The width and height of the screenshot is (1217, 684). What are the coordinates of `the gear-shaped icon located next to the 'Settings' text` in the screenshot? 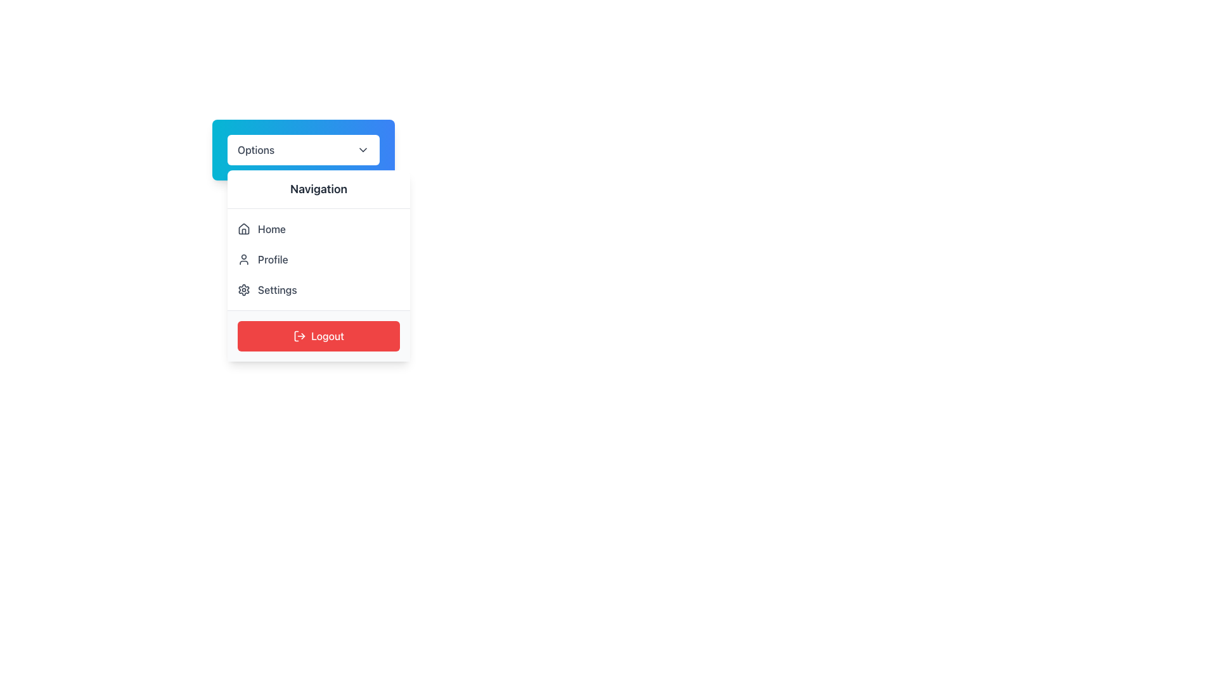 It's located at (243, 290).